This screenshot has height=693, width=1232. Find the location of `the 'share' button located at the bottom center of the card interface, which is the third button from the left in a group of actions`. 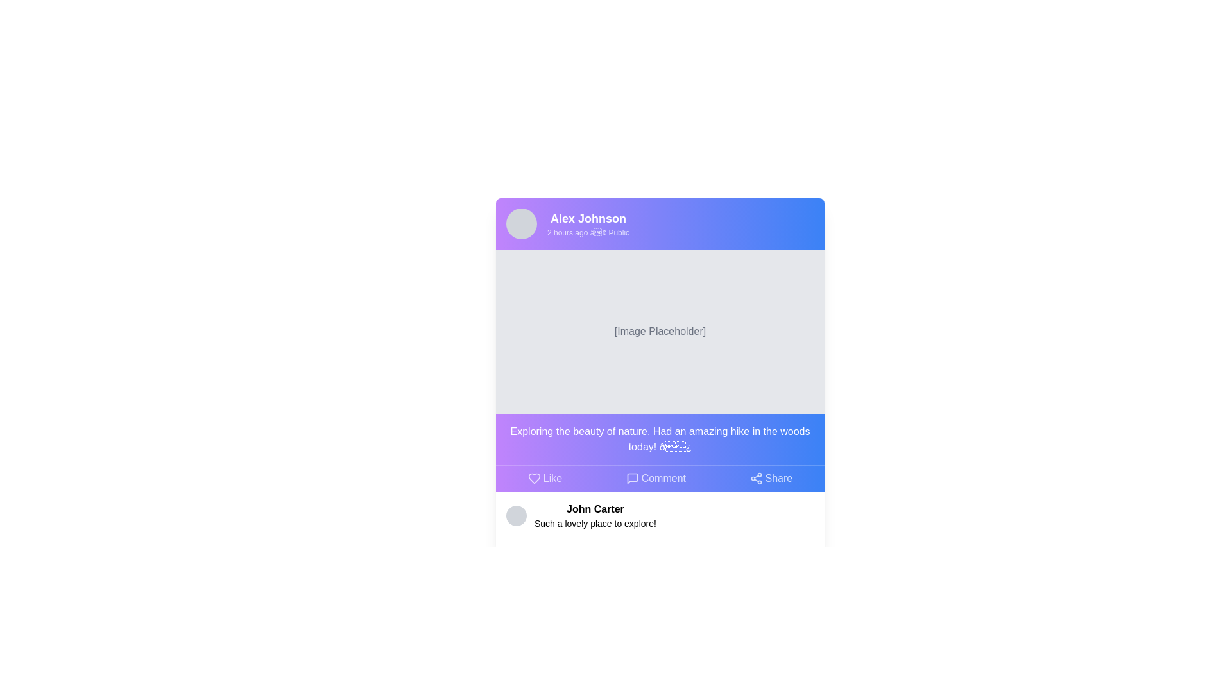

the 'share' button located at the bottom center of the card interface, which is the third button from the left in a group of actions is located at coordinates (770, 478).